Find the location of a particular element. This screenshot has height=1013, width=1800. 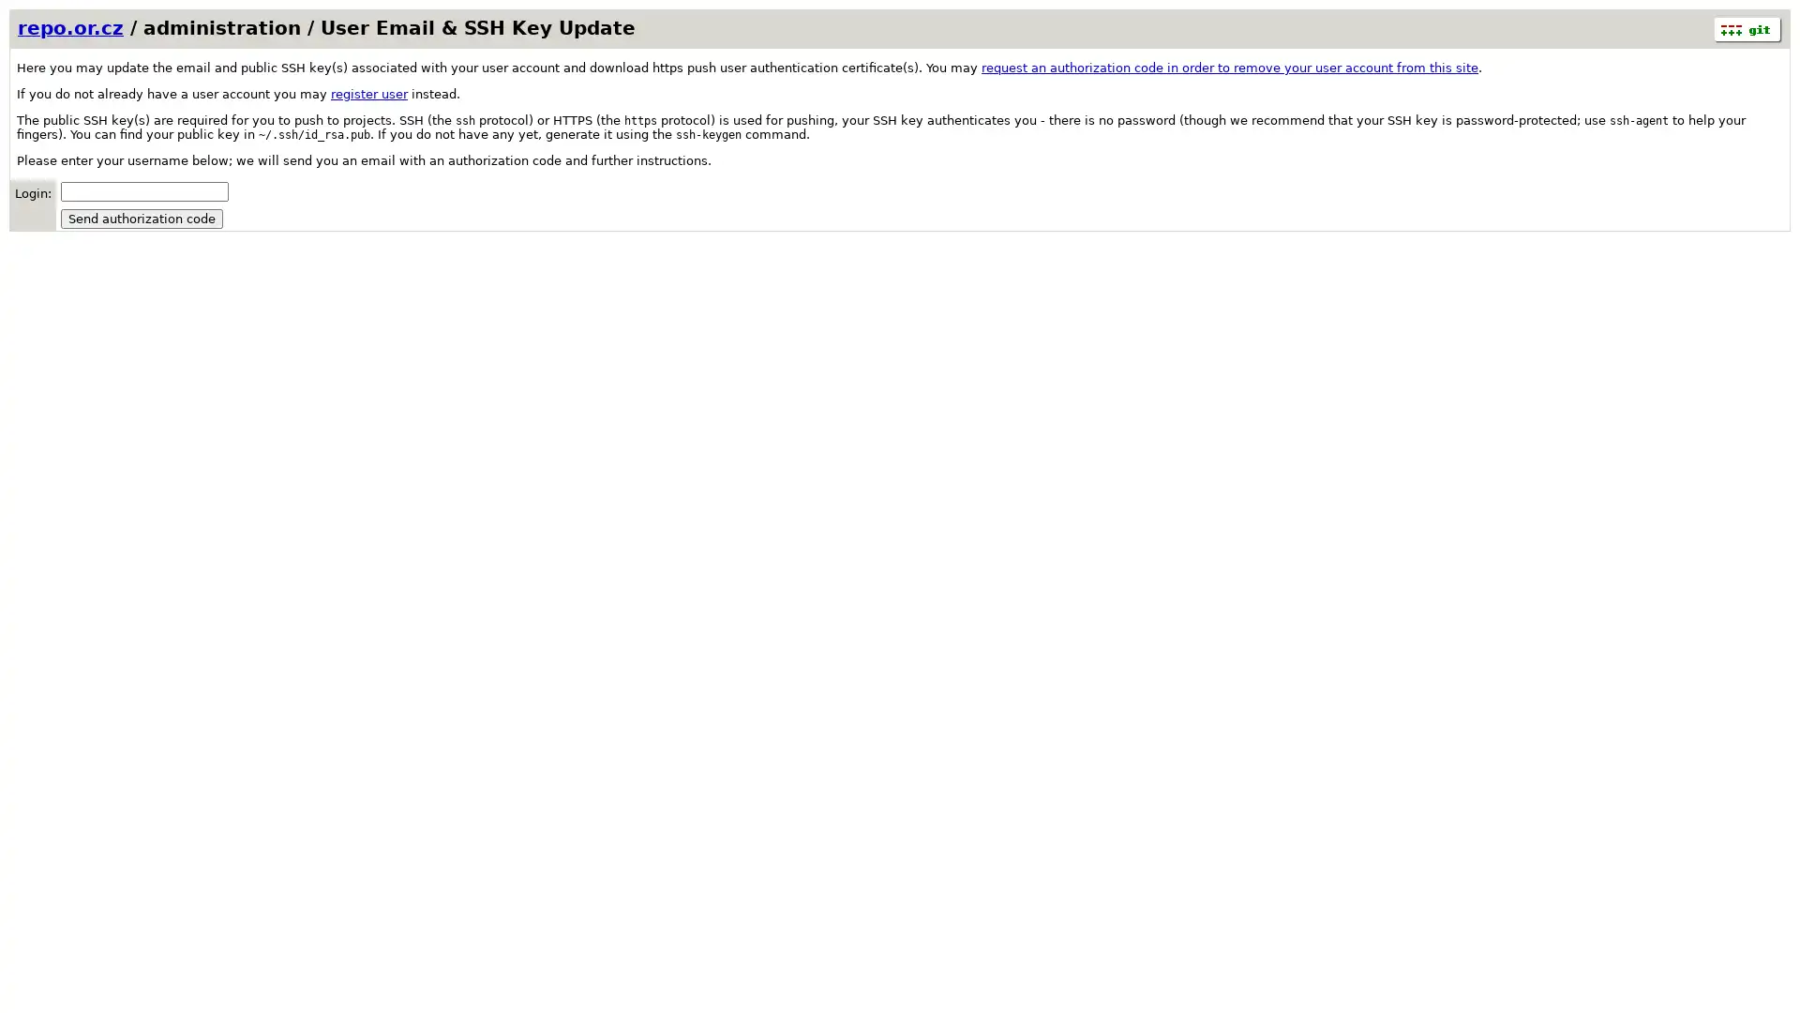

Send authorization code is located at coordinates (141, 217).